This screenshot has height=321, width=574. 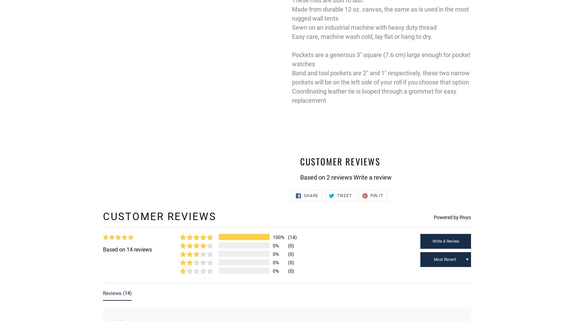 What do you see at coordinates (364, 27) in the screenshot?
I see `'Sewn on an industrial machine with heavy duty thread'` at bounding box center [364, 27].